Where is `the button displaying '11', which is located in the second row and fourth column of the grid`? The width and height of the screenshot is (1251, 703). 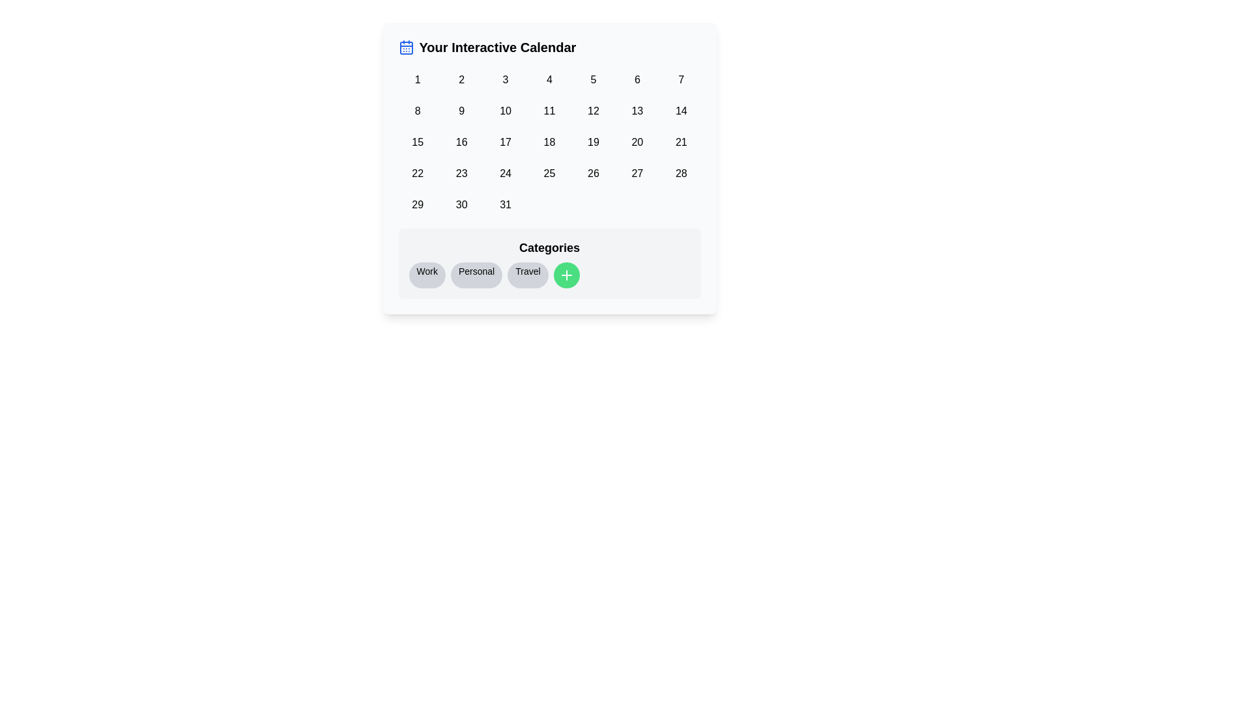 the button displaying '11', which is located in the second row and fourth column of the grid is located at coordinates (549, 110).